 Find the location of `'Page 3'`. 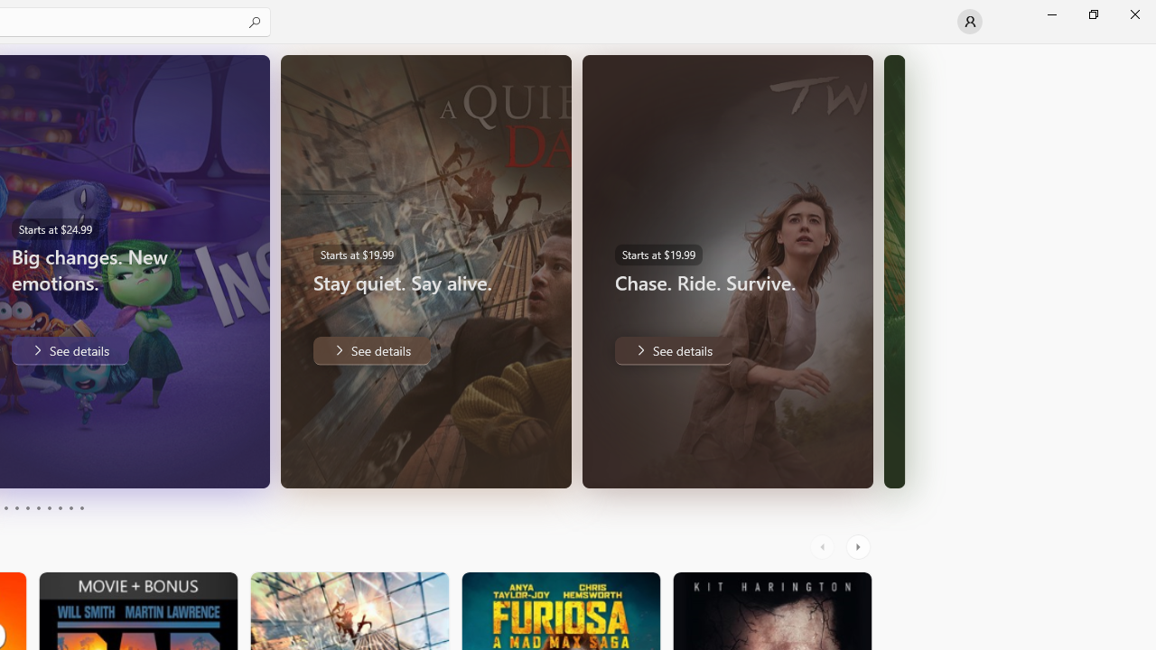

'Page 3' is located at coordinates (5, 508).